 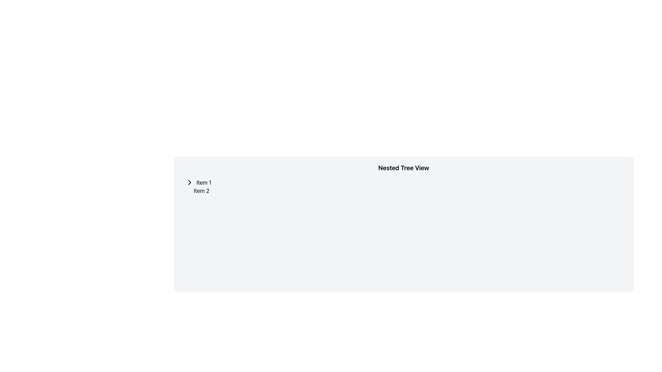 I want to click on the right-pointing chevron icon indicating navigation or expansion, located to the left of the text label 'Item 1' in the top-left corner of the main content area, so click(x=190, y=182).